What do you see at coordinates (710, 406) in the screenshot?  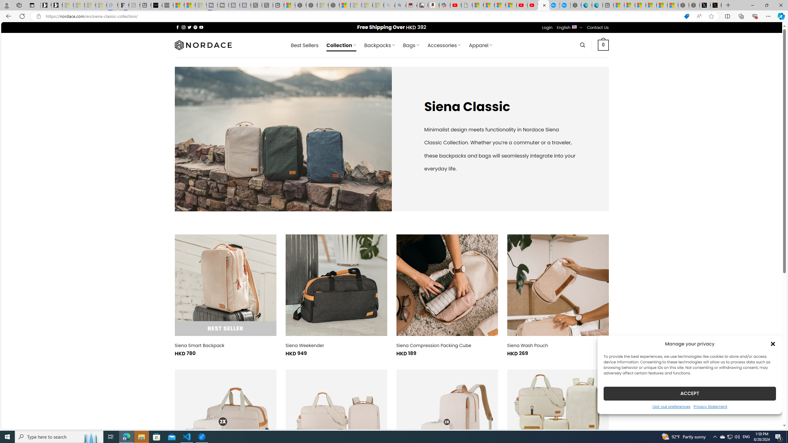 I see `'Privacy Statement'` at bounding box center [710, 406].